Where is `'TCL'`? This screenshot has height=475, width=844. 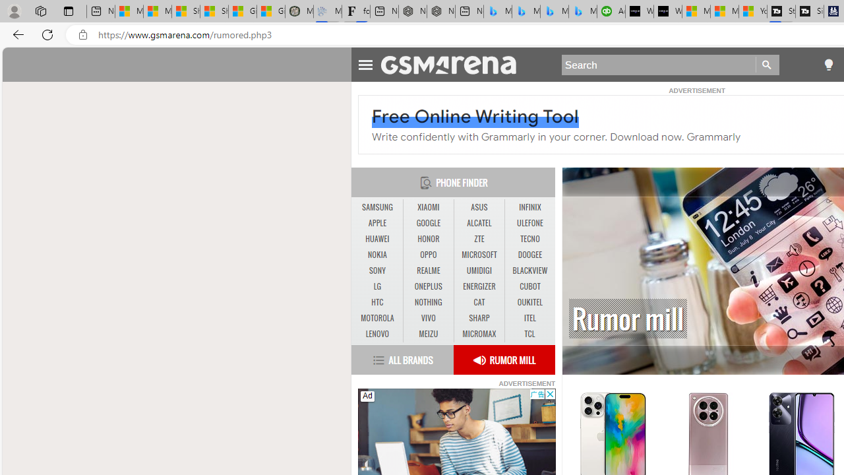 'TCL' is located at coordinates (529, 333).